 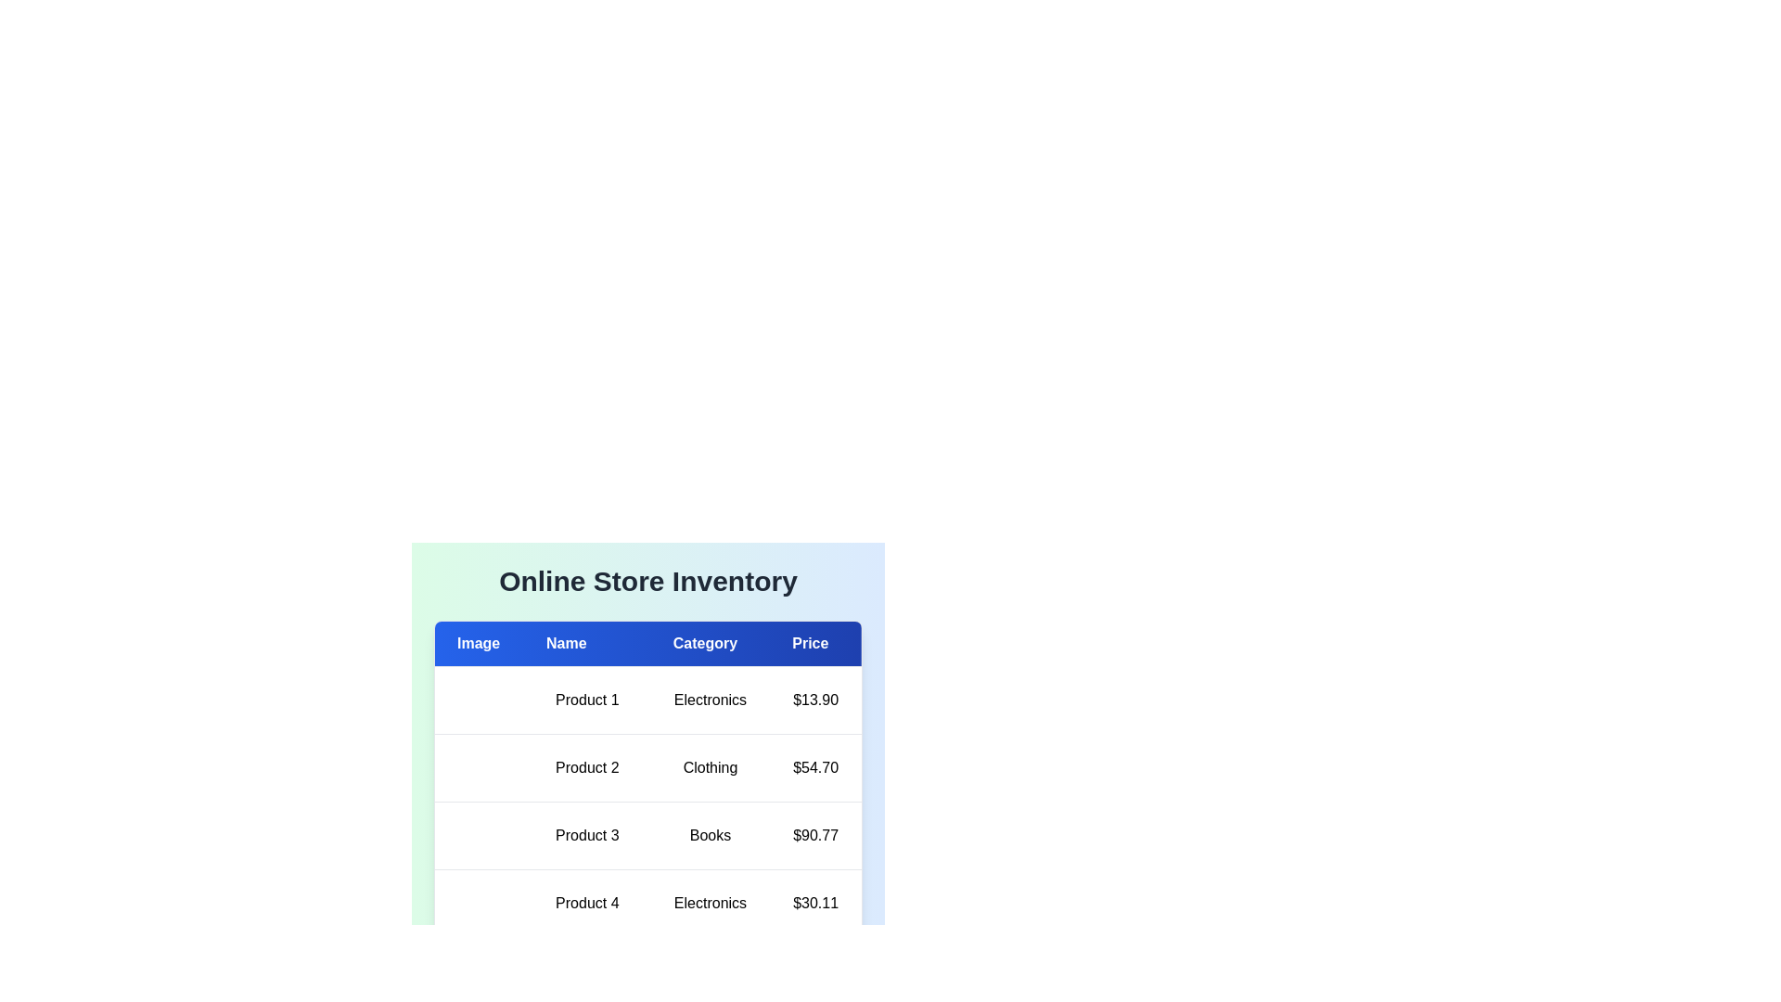 What do you see at coordinates (478, 643) in the screenshot?
I see `the column header to sort the table by Image` at bounding box center [478, 643].